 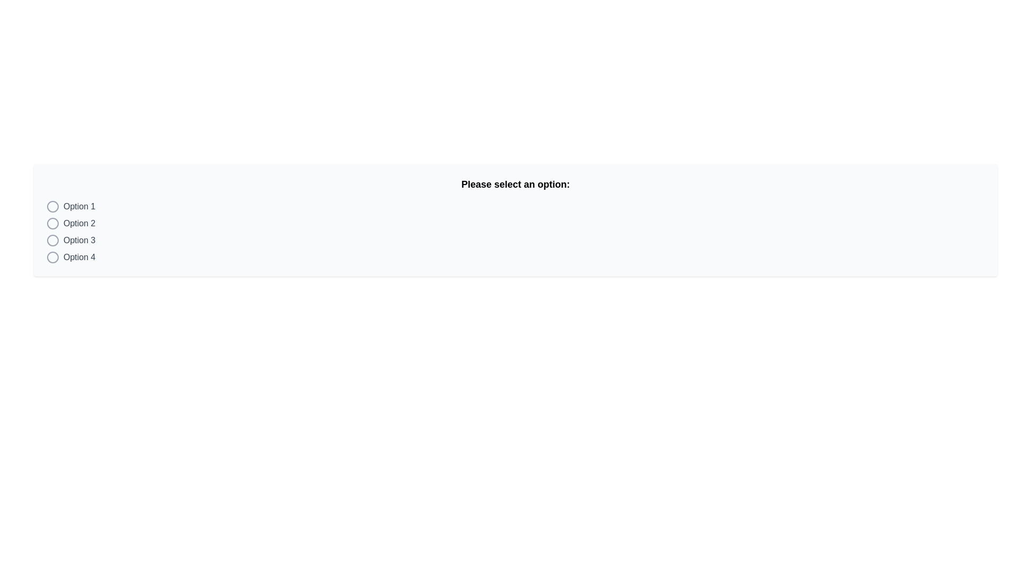 I want to click on the active radio button for 'Option 2', so click(x=52, y=223).